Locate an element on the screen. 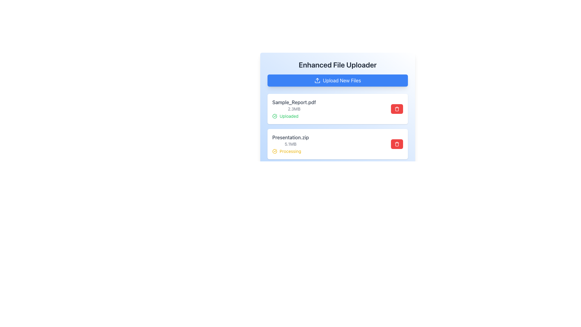  the upload button located below the 'Enhanced File Uploader' heading is located at coordinates (337, 80).